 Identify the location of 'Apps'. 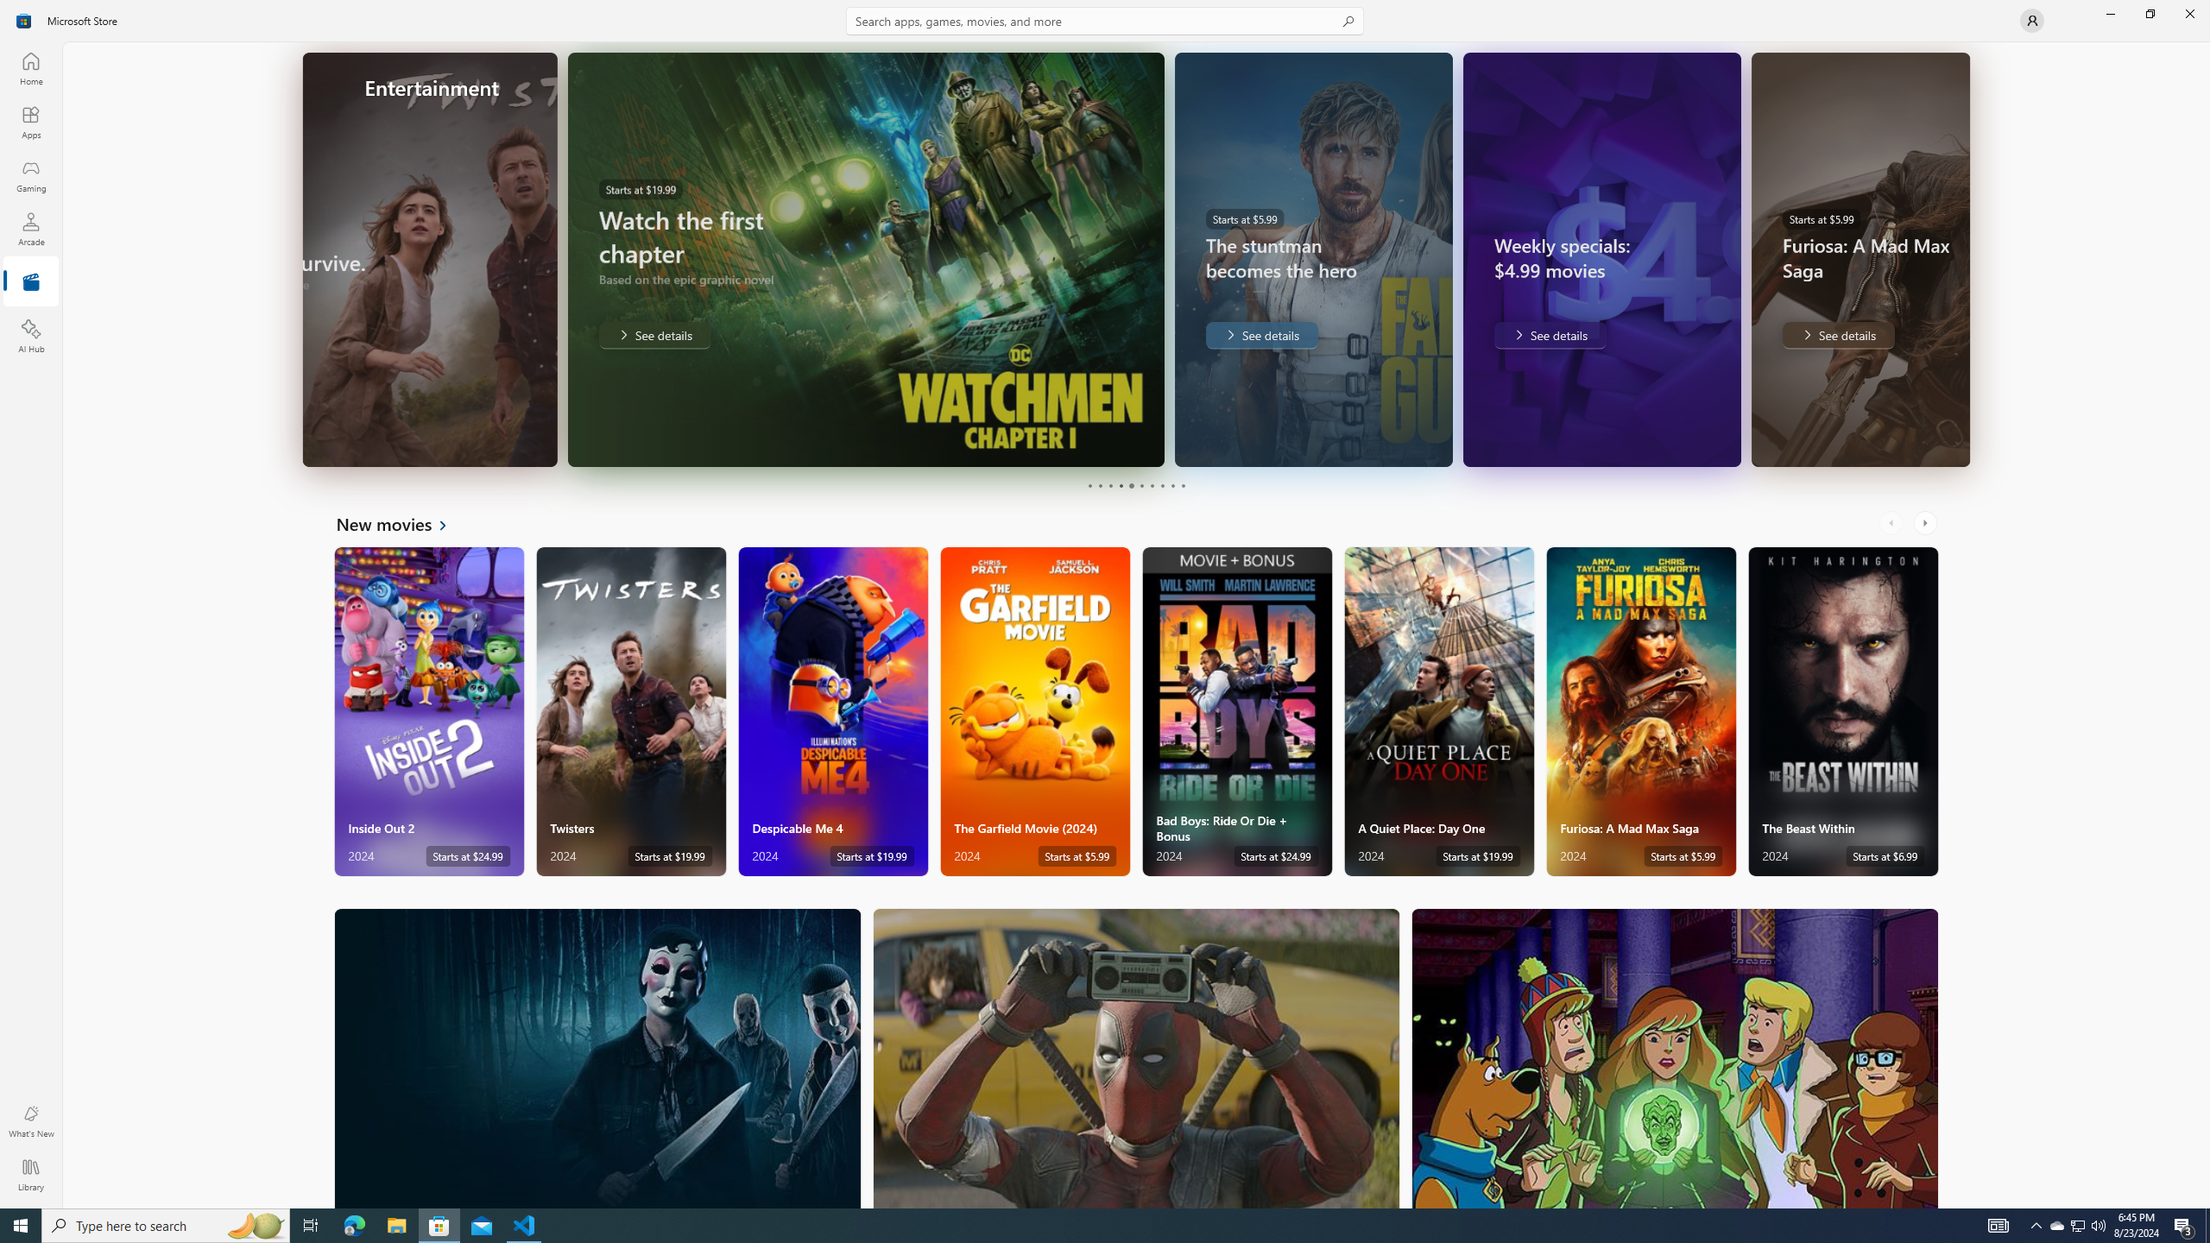
(29, 122).